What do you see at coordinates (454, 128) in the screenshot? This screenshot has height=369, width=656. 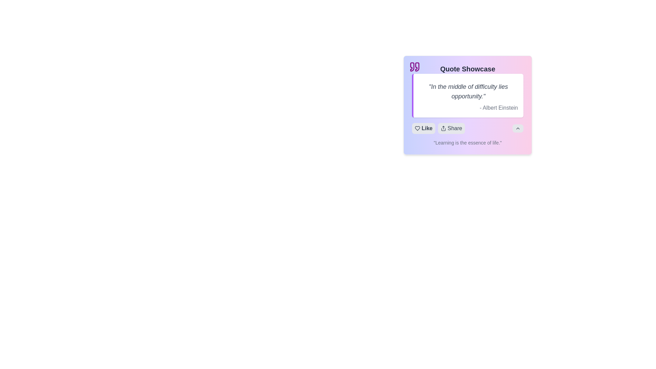 I see `the 'Share' text label located within the rounded button in the bottom right of the card` at bounding box center [454, 128].